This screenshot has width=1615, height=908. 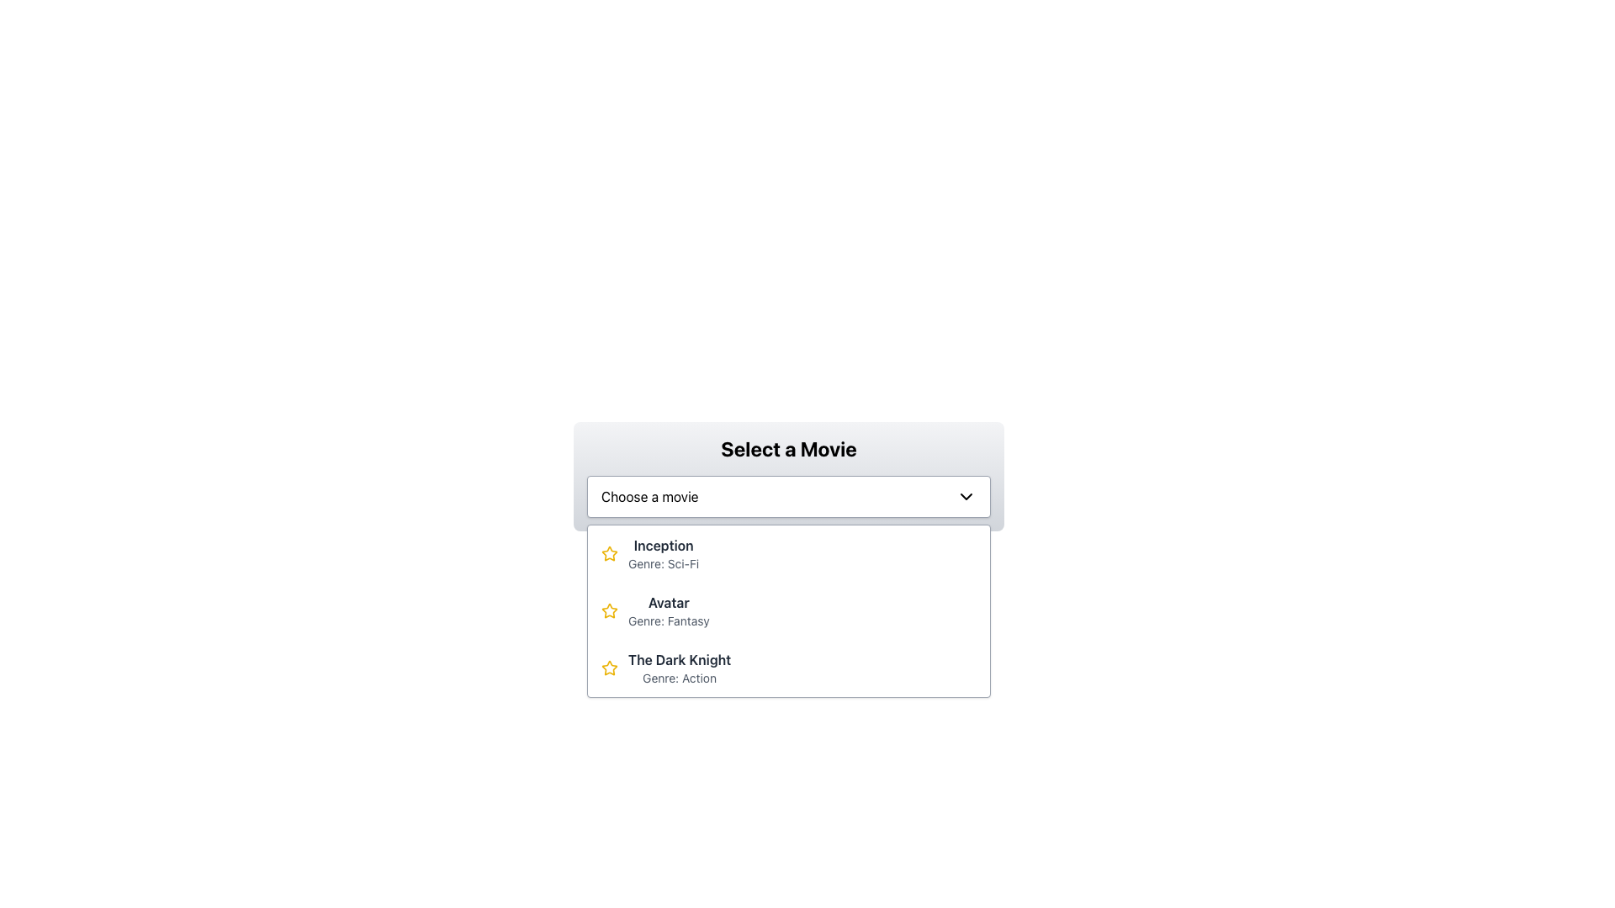 I want to click on the 'Avatar' text element in the dropdown menu, which is styled in bold and dark font, located above 'Genre: Fantasy' and between 'Inception' and 'The Dark Knight', so click(x=668, y=602).